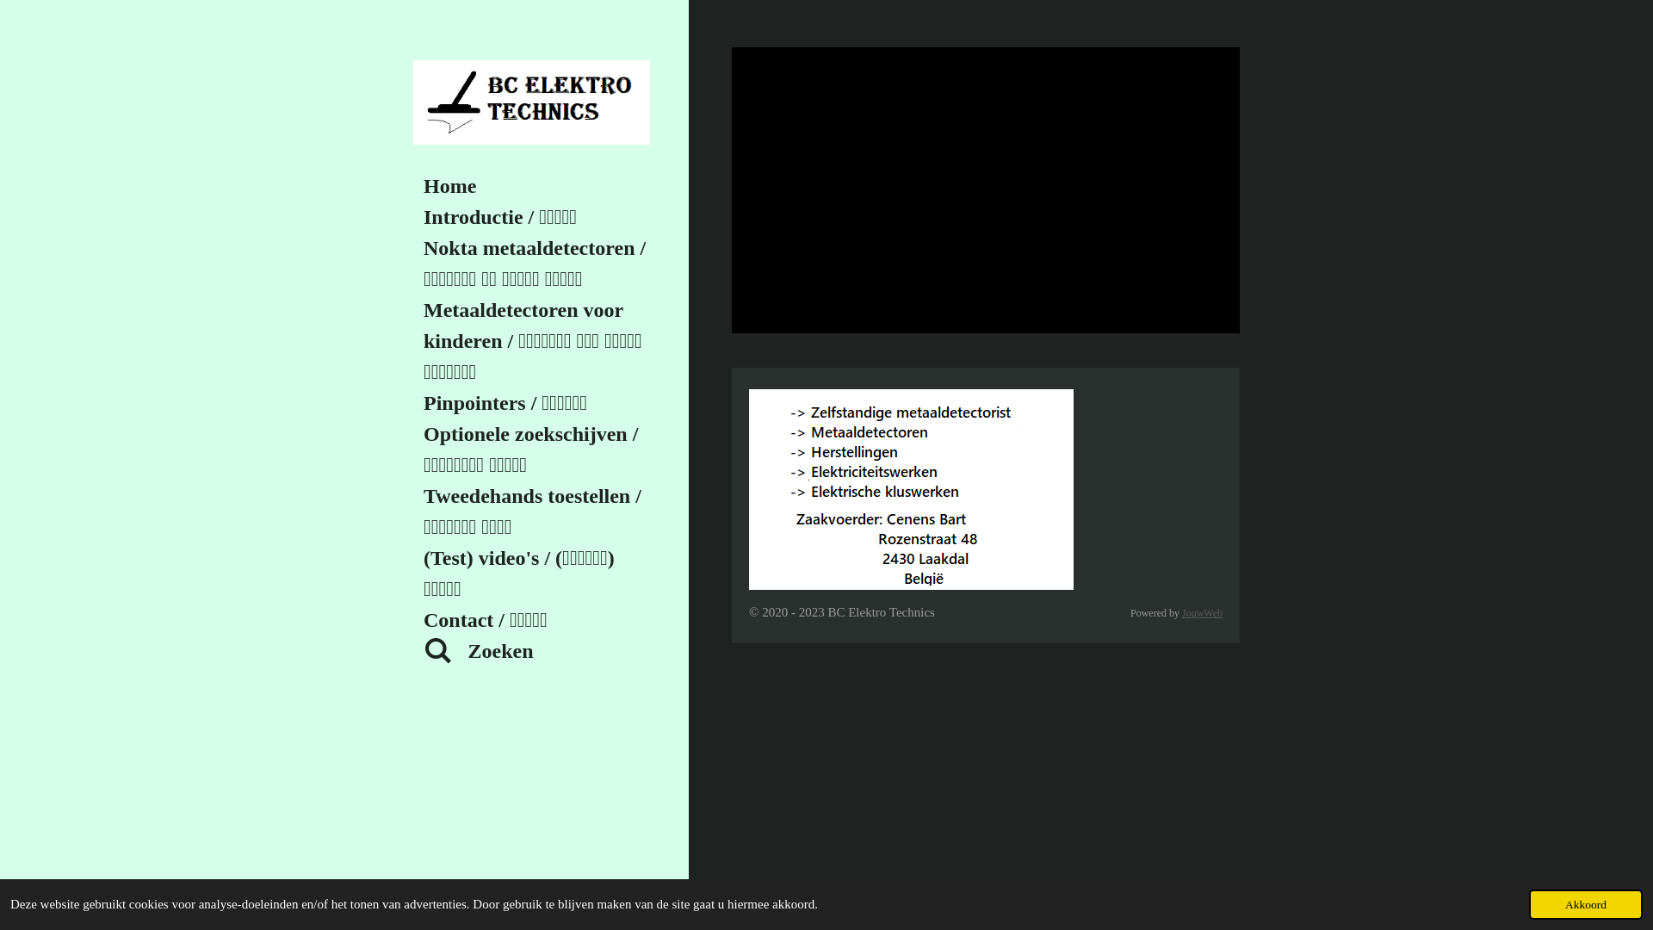 The image size is (1653, 930). I want to click on 'Zoeken', so click(413, 651).